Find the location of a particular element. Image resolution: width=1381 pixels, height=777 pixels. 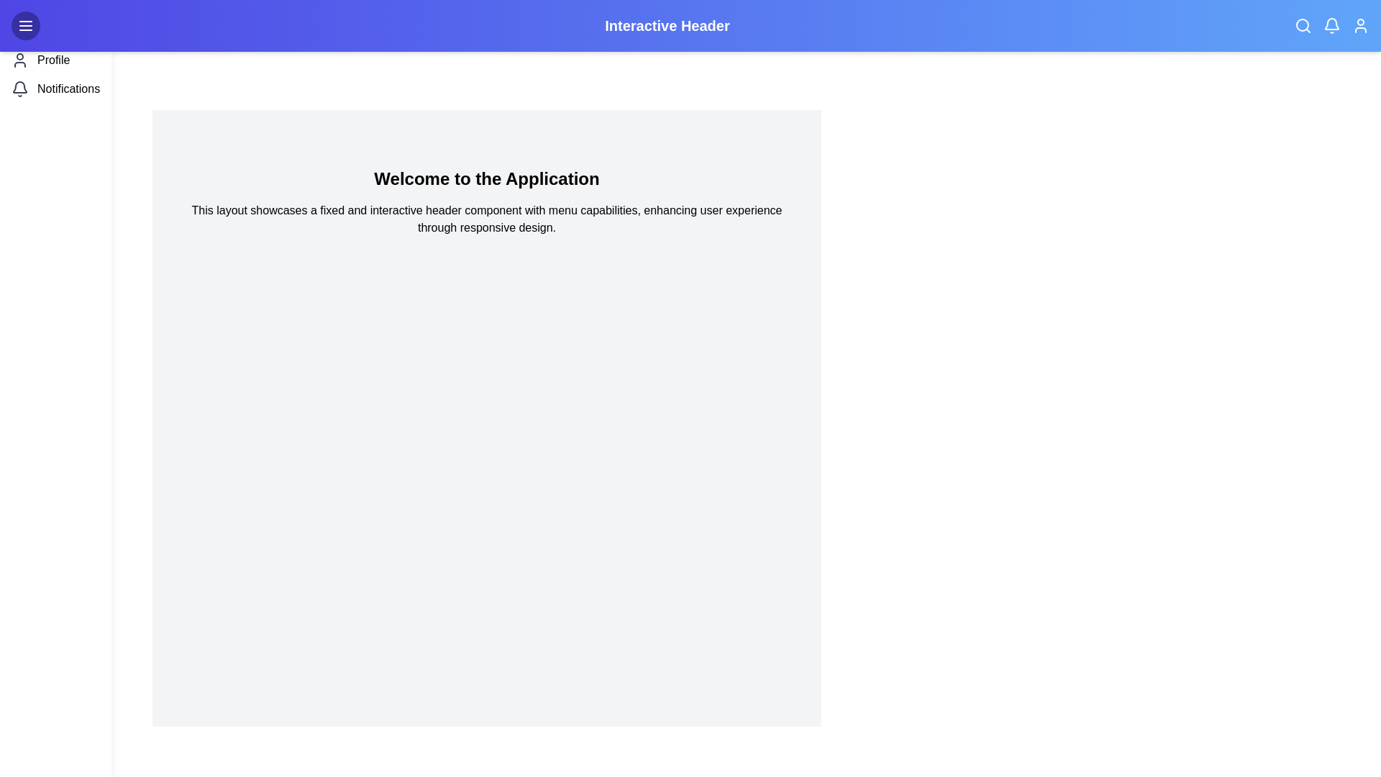

the user profile silhouette icon located in the upper left sidebar before the label text 'Profile' is located at coordinates (20, 60).